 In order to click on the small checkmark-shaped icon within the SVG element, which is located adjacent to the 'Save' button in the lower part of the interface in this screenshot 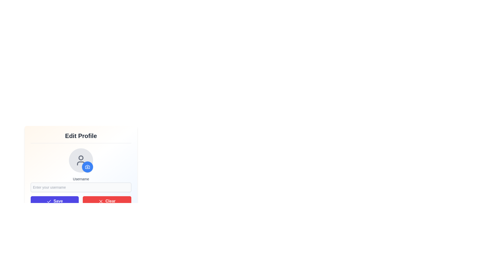, I will do `click(49, 201)`.